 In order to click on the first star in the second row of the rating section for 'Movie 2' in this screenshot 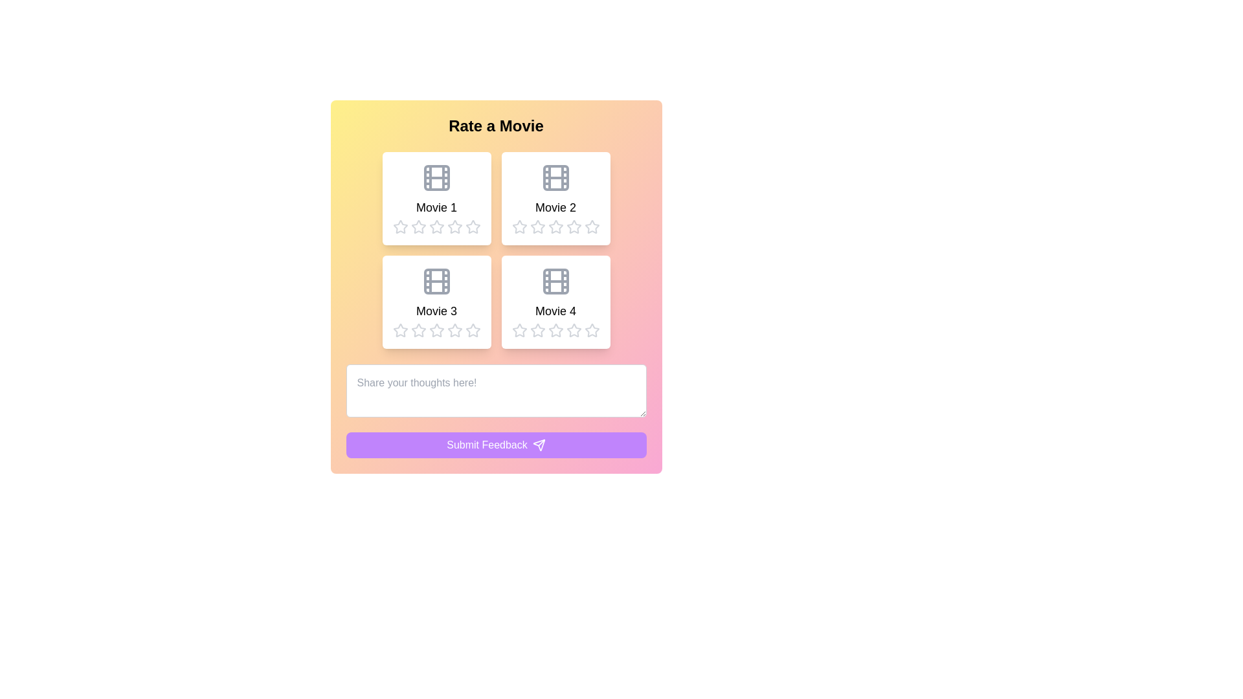, I will do `click(519, 227)`.